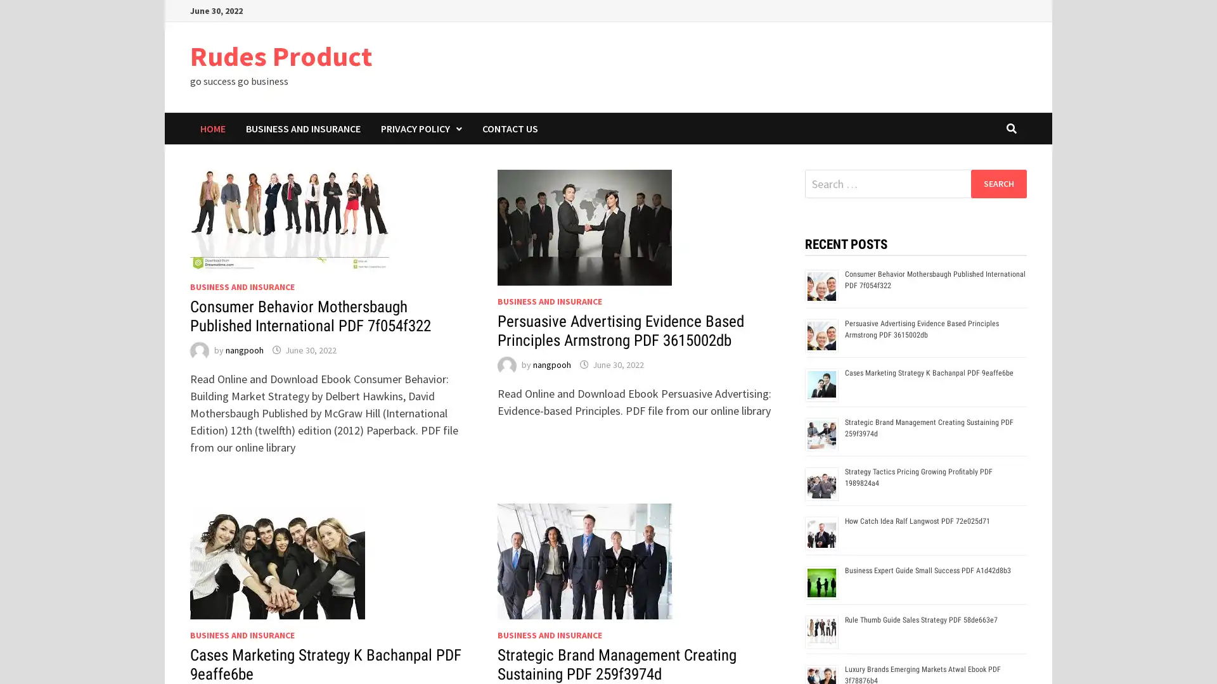 The height and width of the screenshot is (684, 1217). What do you see at coordinates (998, 183) in the screenshot?
I see `Search` at bounding box center [998, 183].